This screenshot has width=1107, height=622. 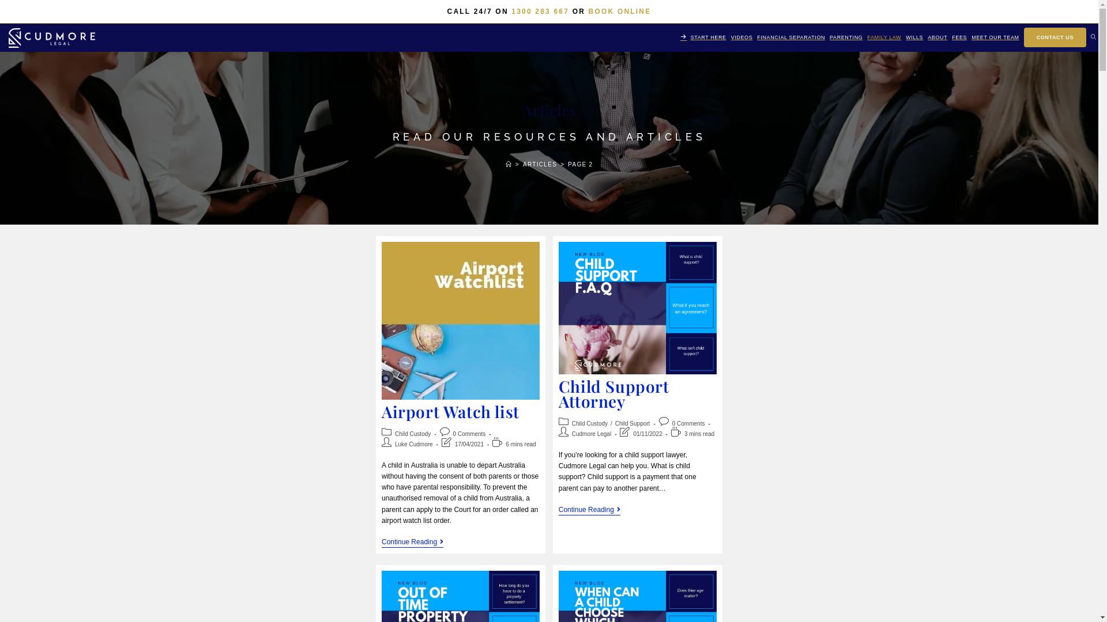 What do you see at coordinates (414, 443) in the screenshot?
I see `'Luke Cudmore'` at bounding box center [414, 443].